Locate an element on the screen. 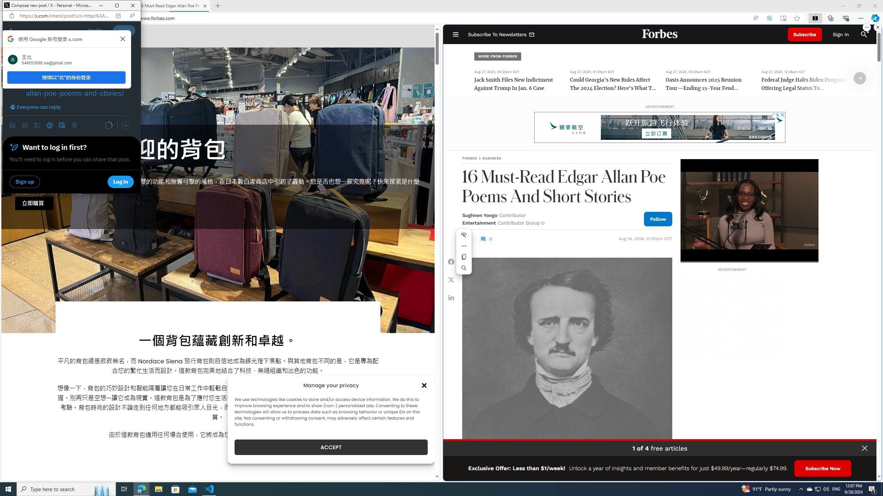  'More options.' is located at coordinates (866, 27).